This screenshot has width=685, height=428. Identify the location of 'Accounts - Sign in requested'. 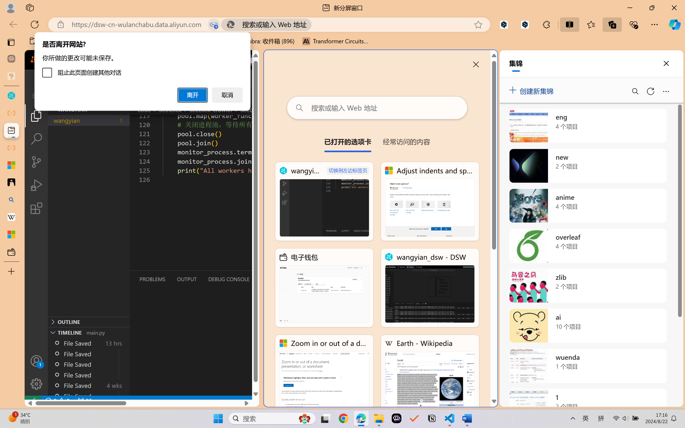
(36, 361).